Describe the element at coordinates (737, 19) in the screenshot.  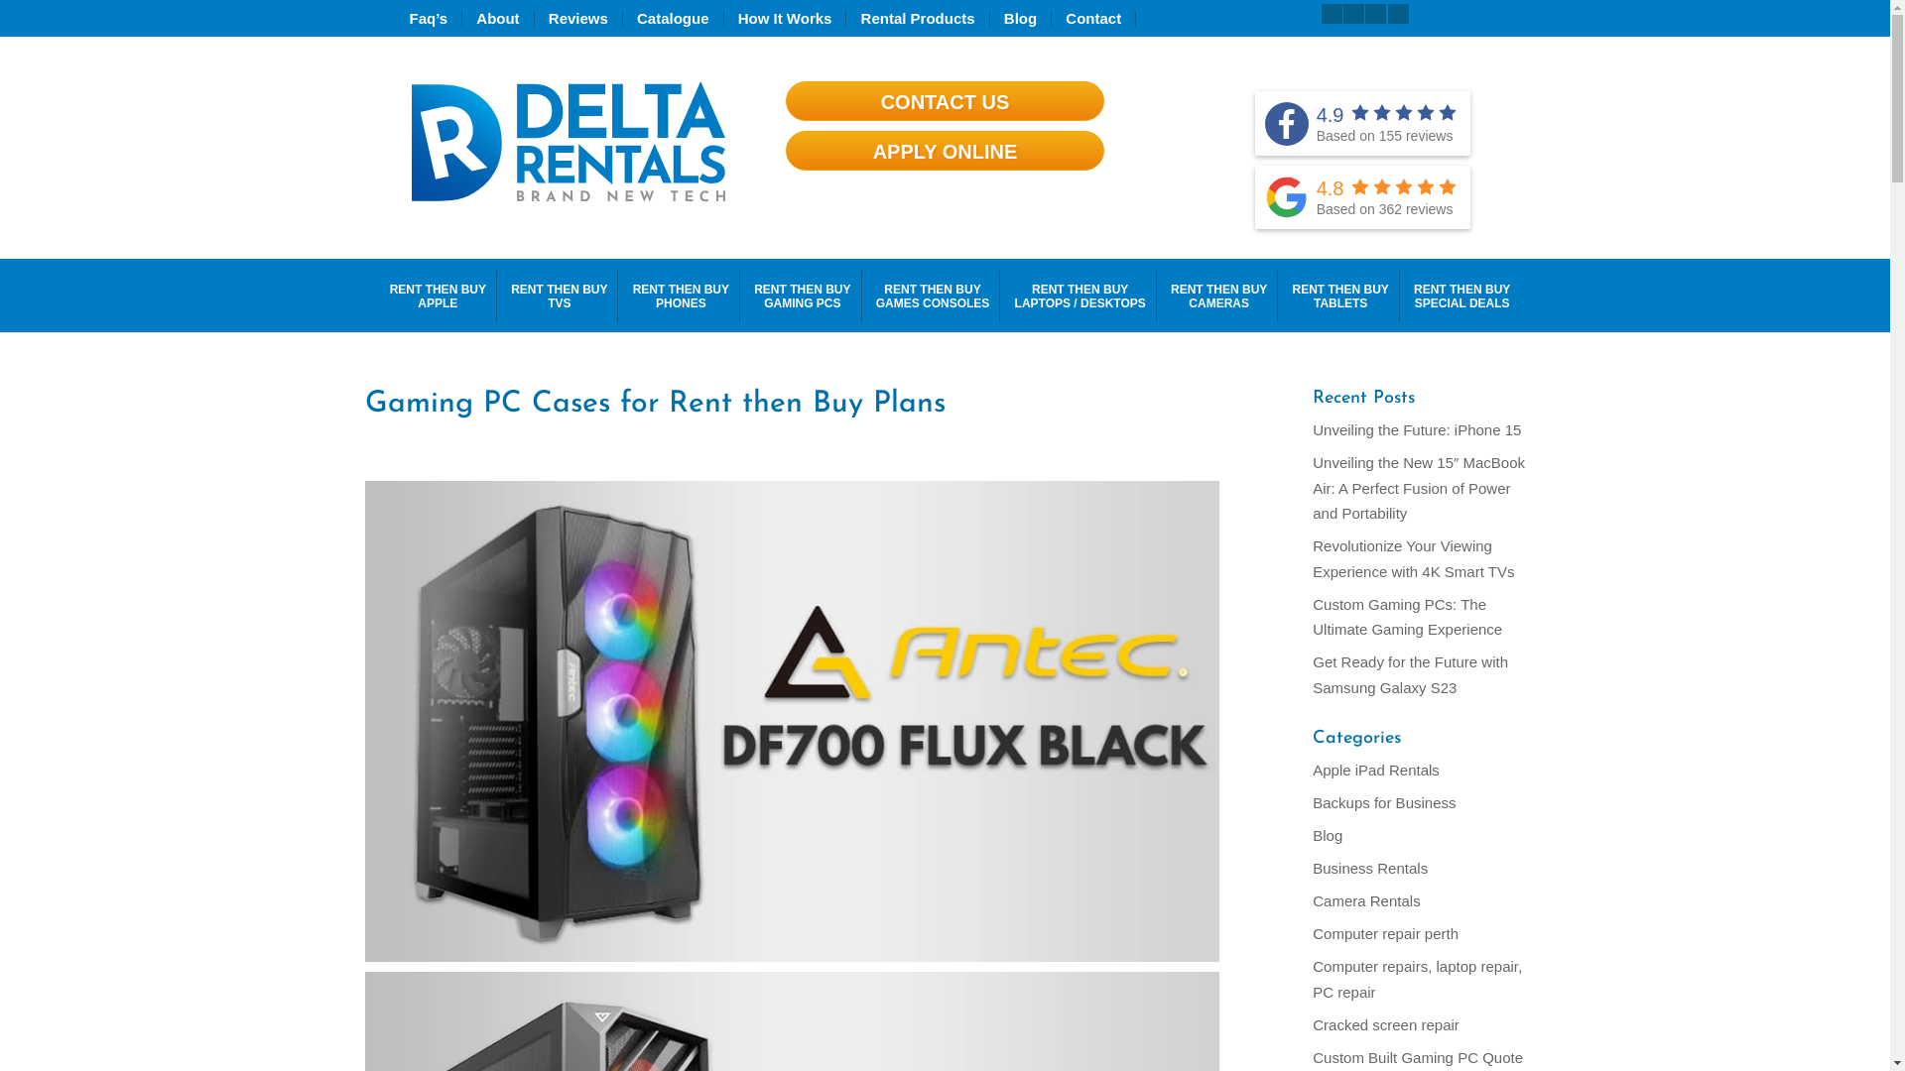
I see `'How It Works'` at that location.